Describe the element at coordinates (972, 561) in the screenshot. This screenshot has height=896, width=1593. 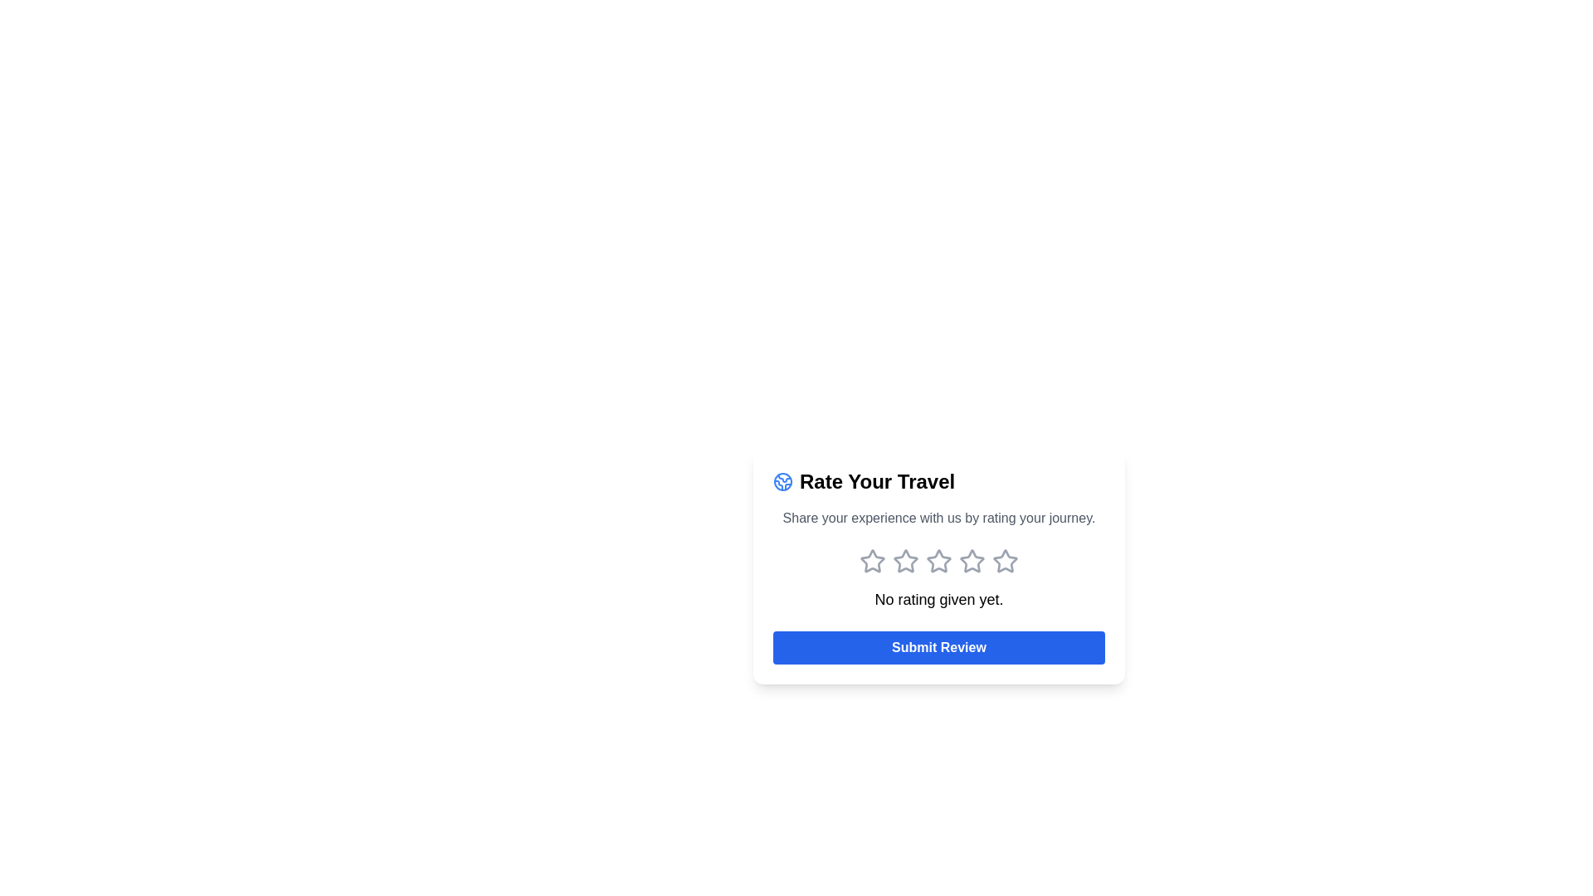
I see `the fourth star in the interactive rating icon to assign a rating of four out of five stars` at that location.